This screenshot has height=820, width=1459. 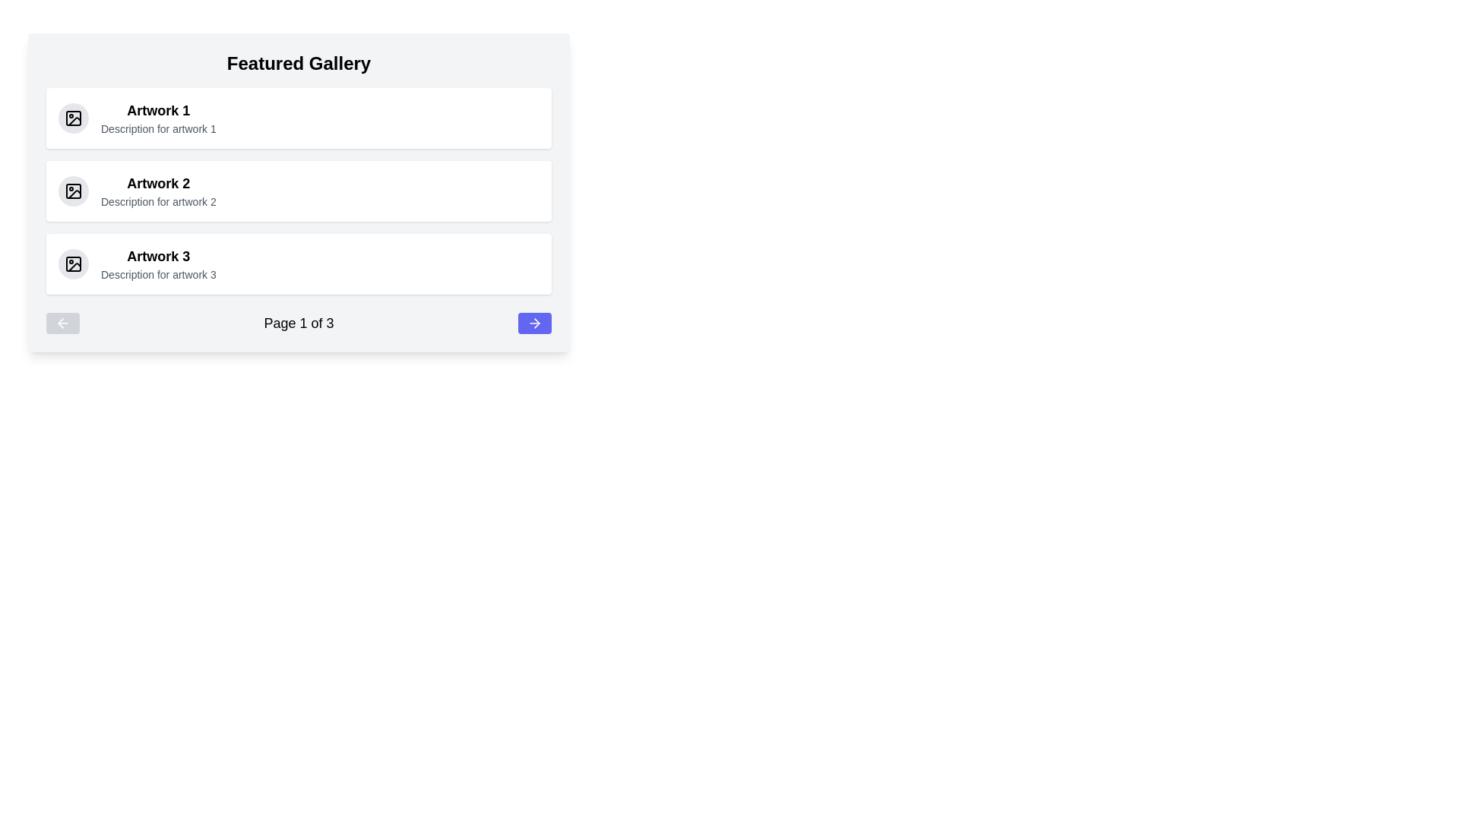 I want to click on the small, rounded rectangle that serves as a placeholder for unavailable artwork in the 'Artwork 1' list item, so click(x=72, y=117).